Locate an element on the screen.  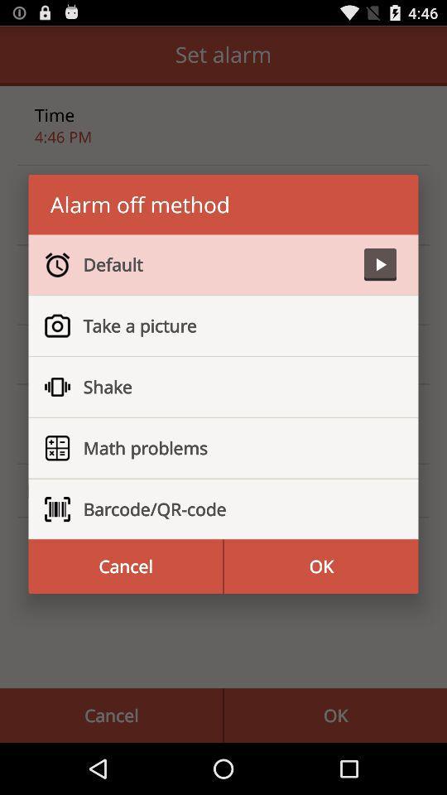
app next to default icon is located at coordinates (380, 264).